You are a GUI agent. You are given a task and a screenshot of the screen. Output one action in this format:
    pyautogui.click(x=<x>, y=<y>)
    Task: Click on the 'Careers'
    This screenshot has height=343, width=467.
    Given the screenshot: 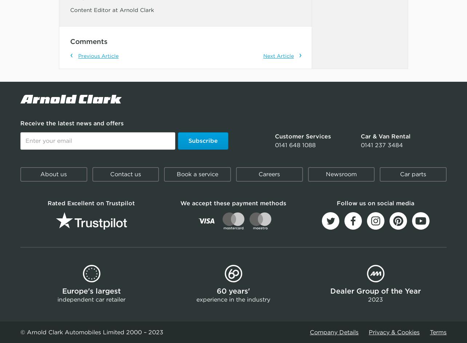 What is the action you would take?
    pyautogui.click(x=258, y=174)
    